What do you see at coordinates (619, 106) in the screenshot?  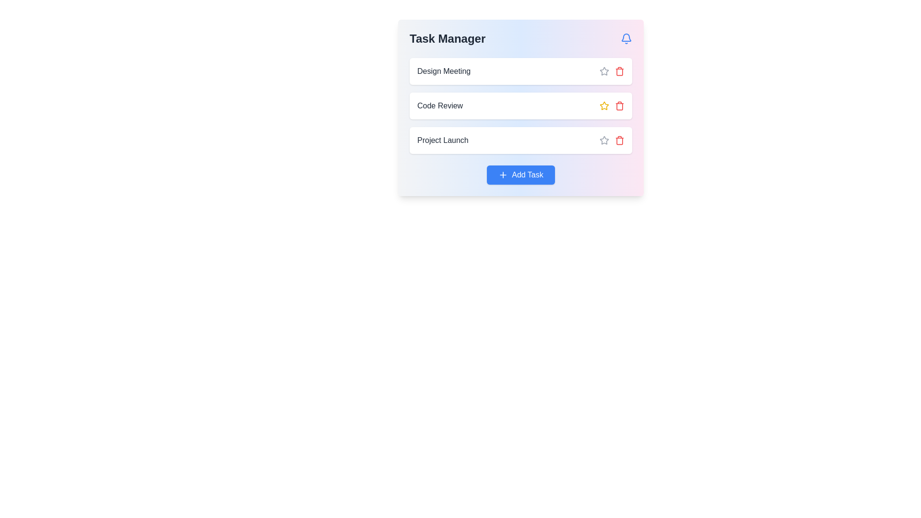 I see `the trash bin icon styled in red, located beside the 'Code Review' label in the second row of the task list` at bounding box center [619, 106].